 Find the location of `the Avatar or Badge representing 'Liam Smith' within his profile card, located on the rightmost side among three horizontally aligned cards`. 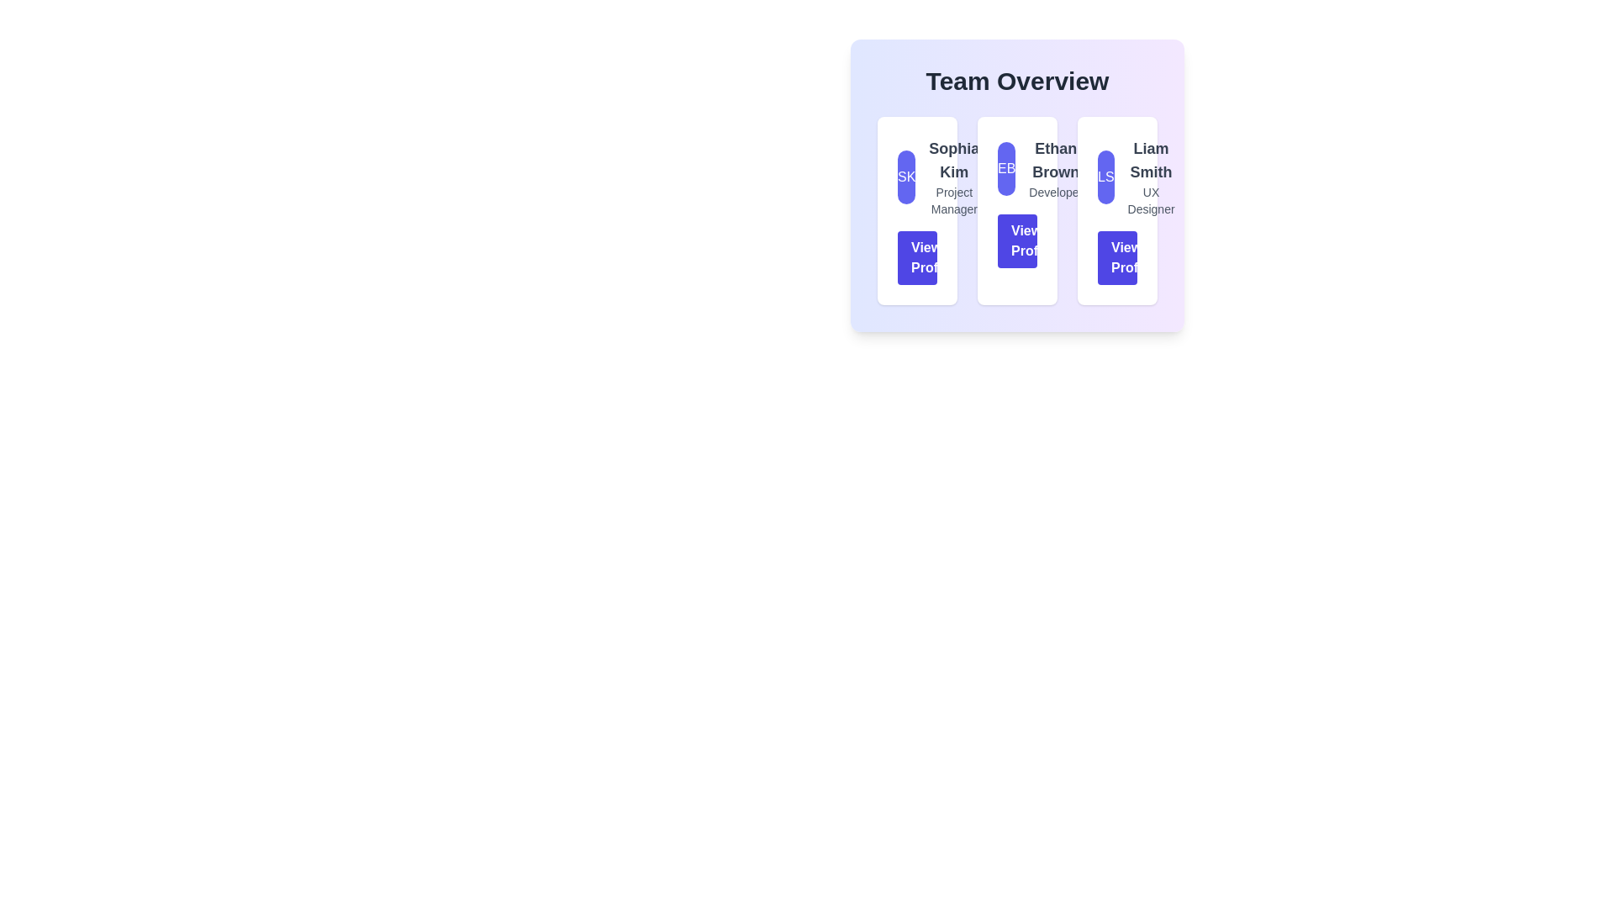

the Avatar or Badge representing 'Liam Smith' within his profile card, located on the rightmost side among three horizontally aligned cards is located at coordinates (1105, 177).